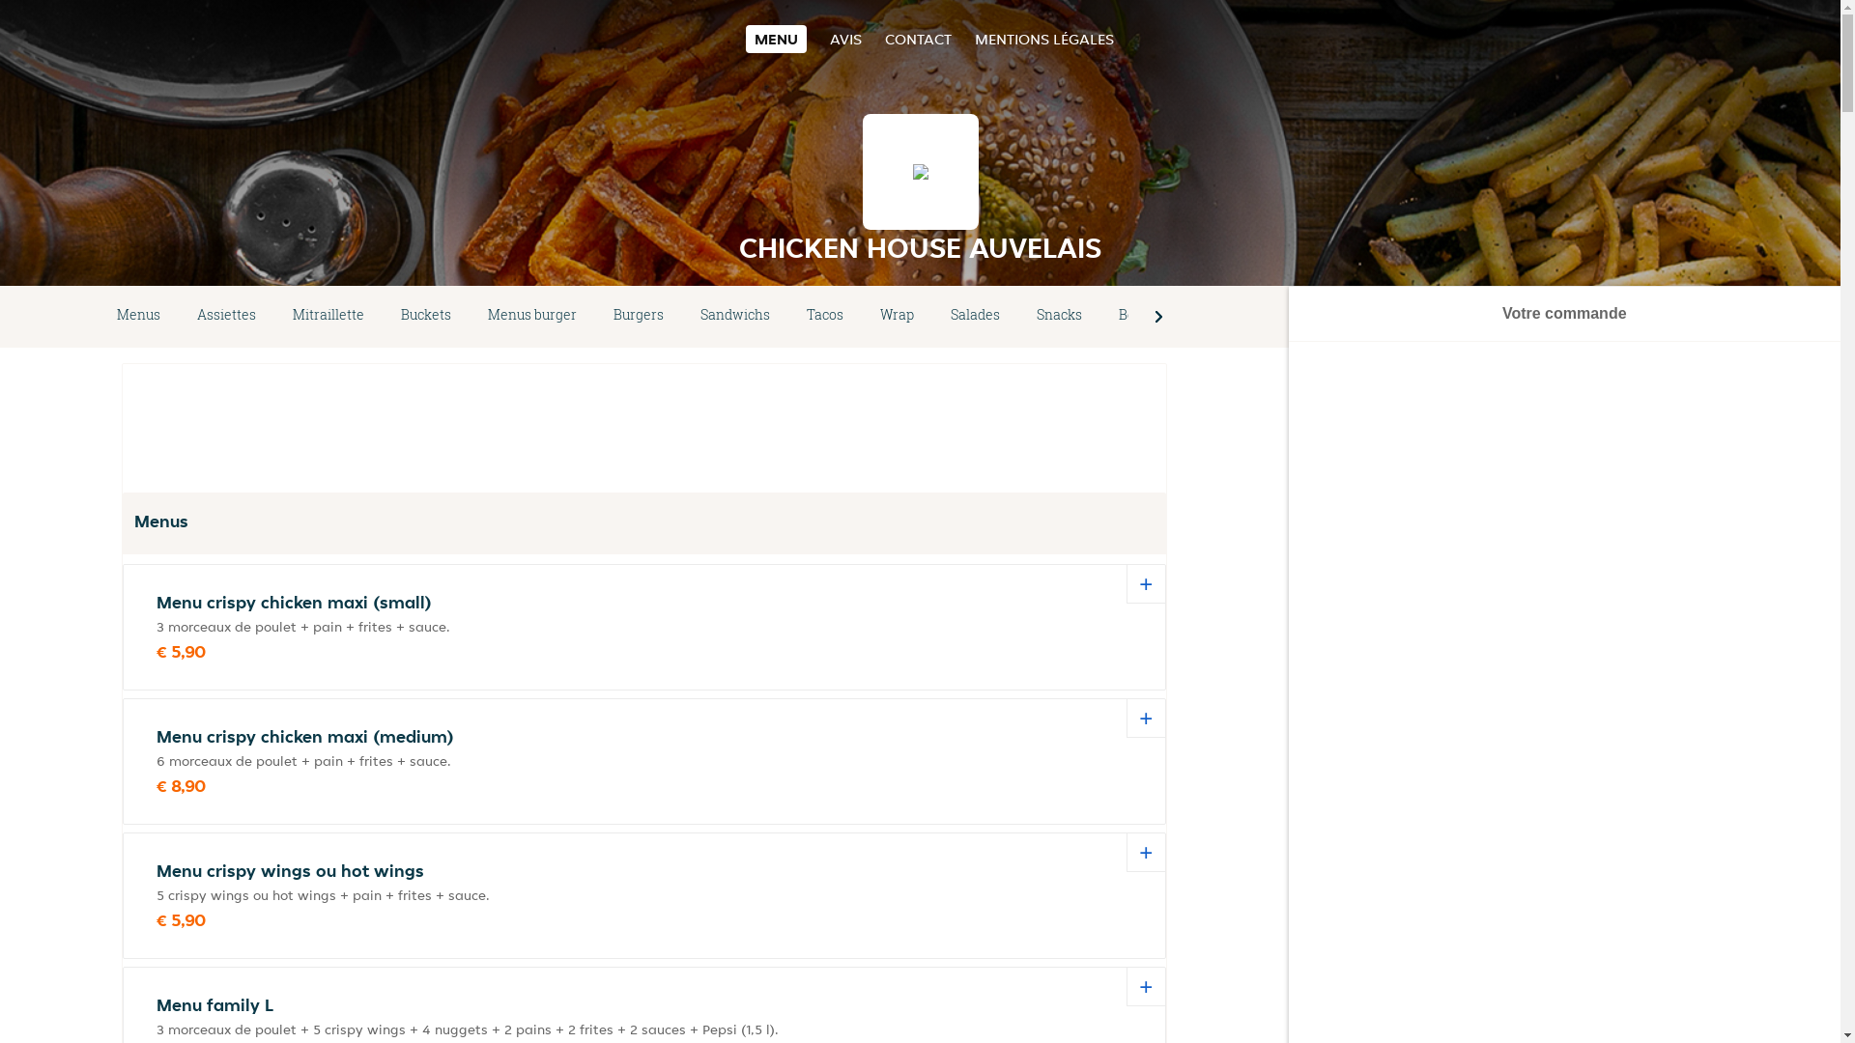 The image size is (1855, 1043). I want to click on 'Burgers', so click(639, 315).